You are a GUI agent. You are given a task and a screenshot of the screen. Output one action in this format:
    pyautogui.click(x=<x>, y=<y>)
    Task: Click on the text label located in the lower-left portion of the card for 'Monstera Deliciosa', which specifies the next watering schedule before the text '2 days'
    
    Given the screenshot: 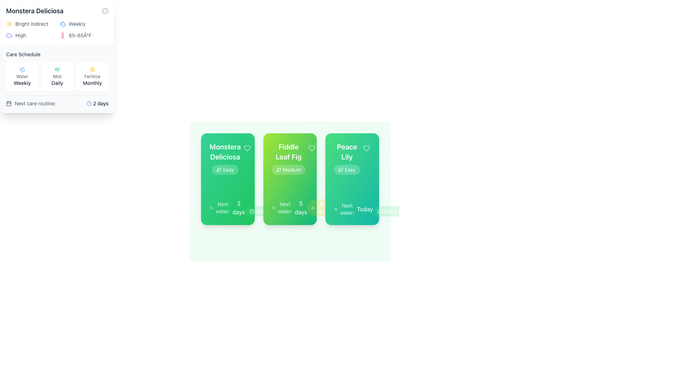 What is the action you would take?
    pyautogui.click(x=222, y=207)
    